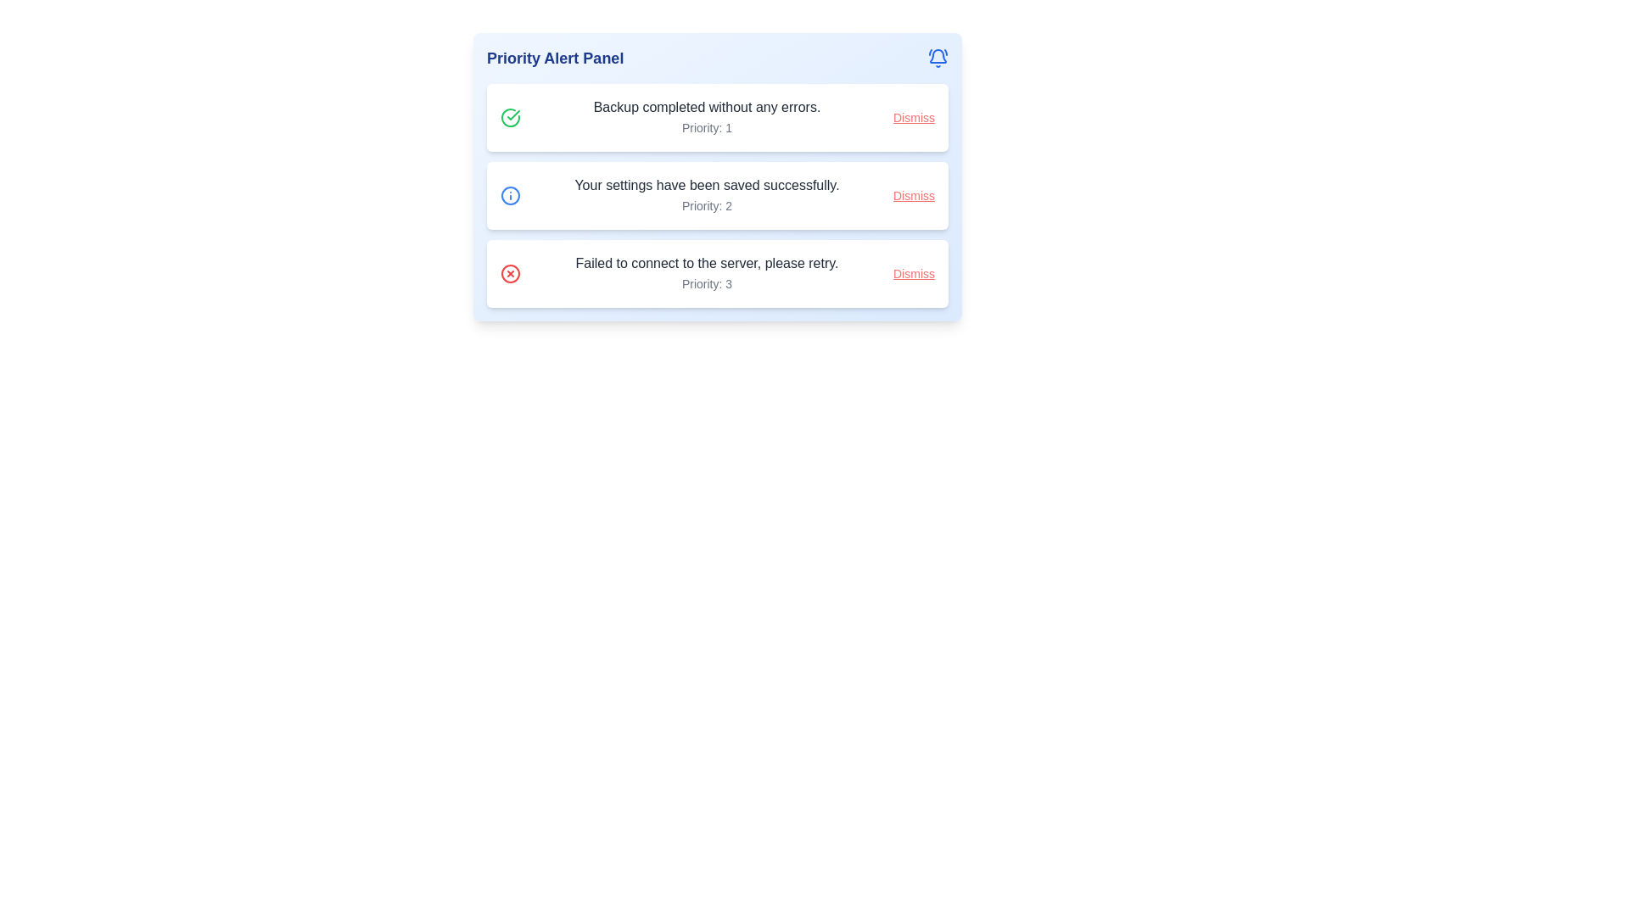 This screenshot has height=916, width=1629. Describe the element at coordinates (707, 126) in the screenshot. I see `the text label displaying 'Priority: 1', which is styled in a smaller gray font and is positioned below the main text of the alert in the 'Priority Alert Panel'` at that location.